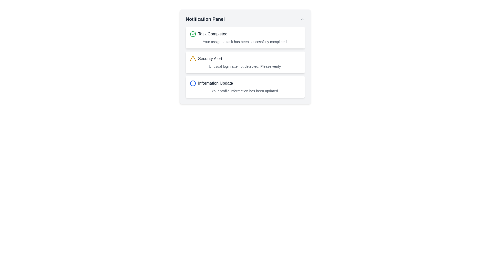 The image size is (492, 277). I want to click on message from the Notification card, which is the first in the vertical list of notifications in the Notification Panel, located above the Security Alert notification, so click(245, 37).